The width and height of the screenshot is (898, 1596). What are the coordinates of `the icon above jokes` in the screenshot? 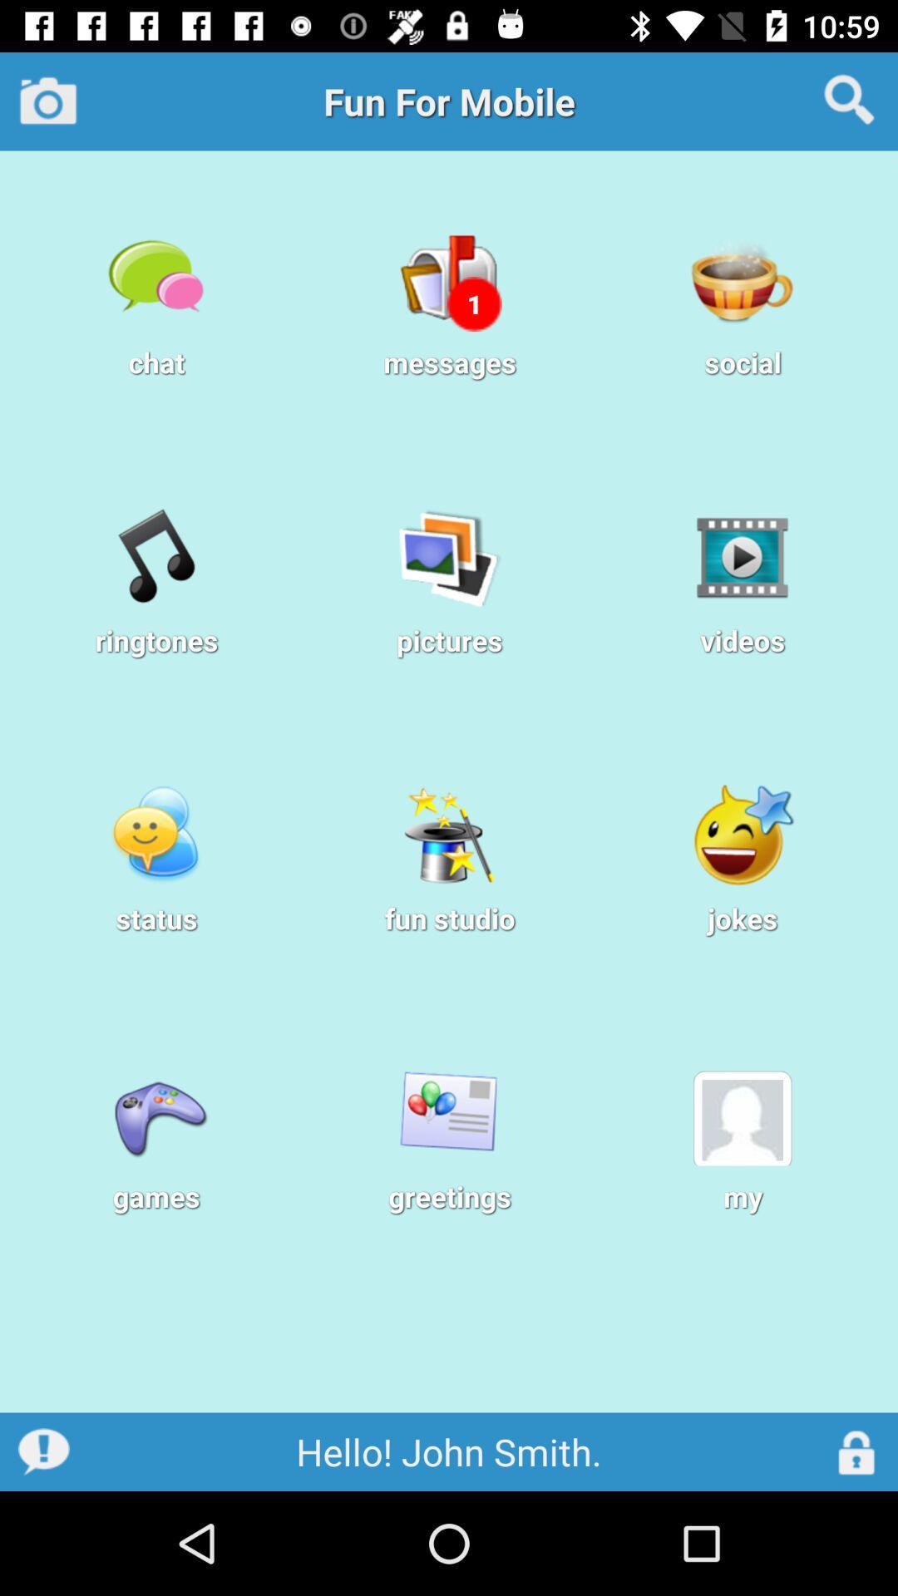 It's located at (742, 835).